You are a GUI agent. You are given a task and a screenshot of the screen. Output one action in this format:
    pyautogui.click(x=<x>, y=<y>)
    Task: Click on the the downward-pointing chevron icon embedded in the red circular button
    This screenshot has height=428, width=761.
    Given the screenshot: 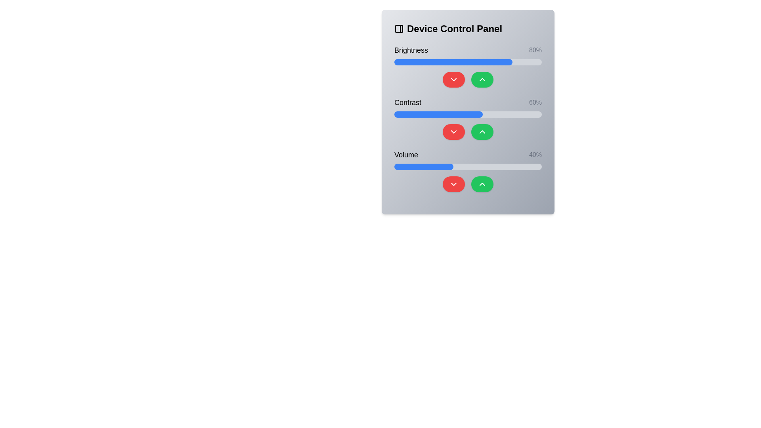 What is the action you would take?
    pyautogui.click(x=454, y=79)
    